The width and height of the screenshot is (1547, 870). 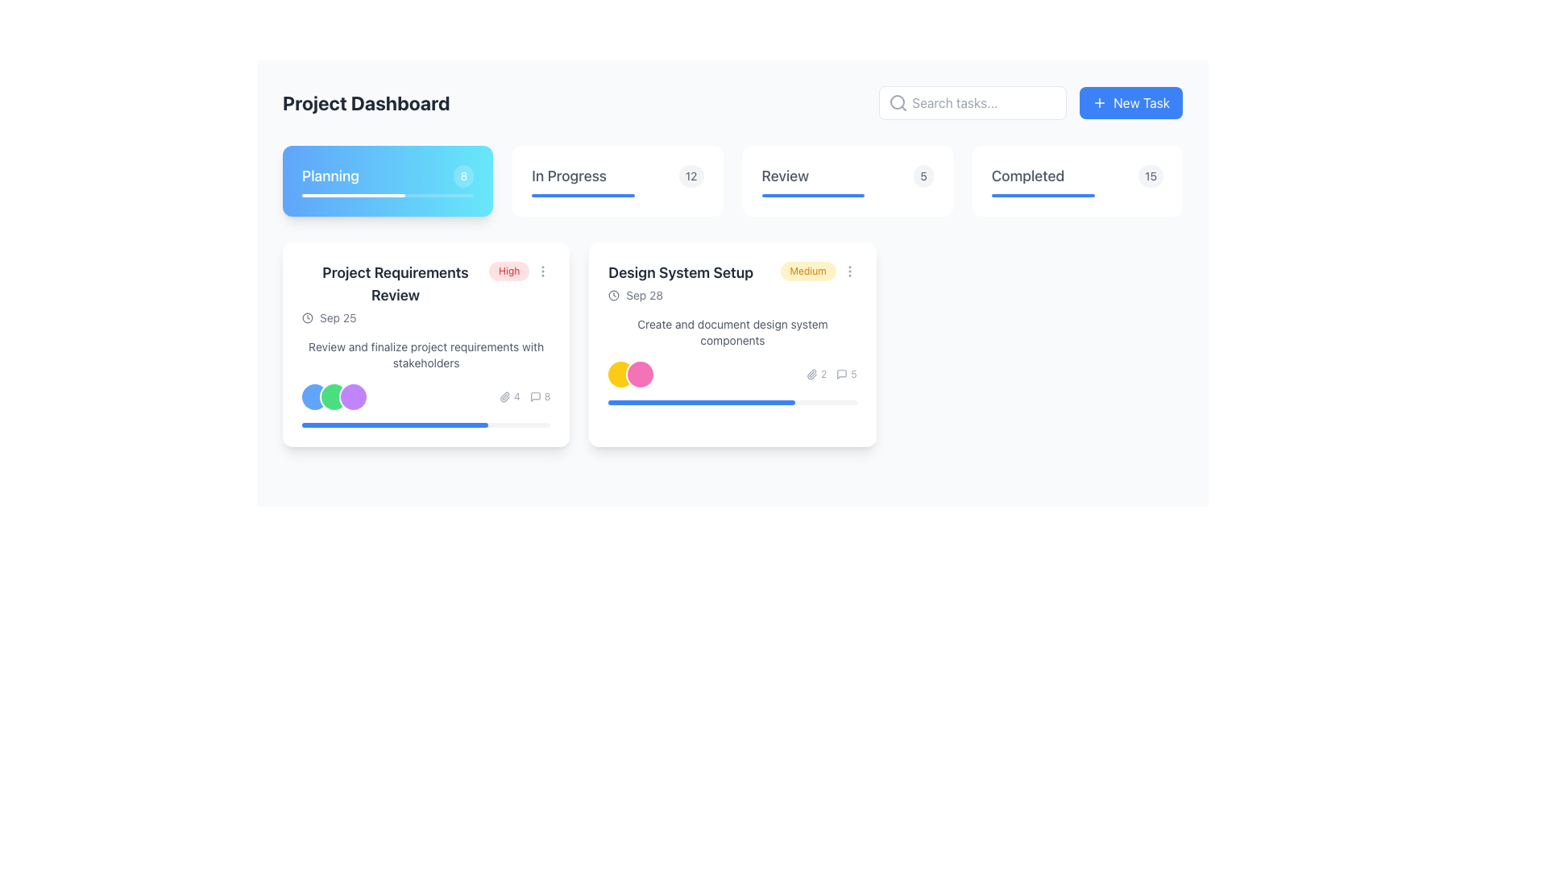 What do you see at coordinates (808, 270) in the screenshot?
I see `the informational label indicating the priority or status of the 'Design System Setup' card, located at the top-right corner of the card` at bounding box center [808, 270].